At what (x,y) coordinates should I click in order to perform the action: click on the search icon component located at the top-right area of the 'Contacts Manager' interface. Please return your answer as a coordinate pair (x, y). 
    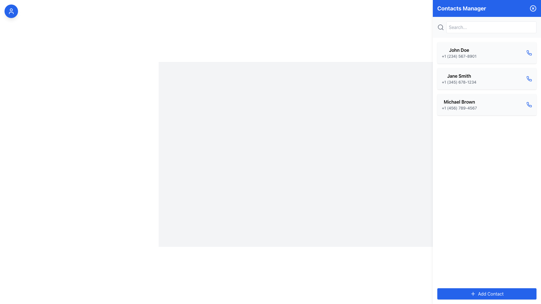
    Looking at the image, I should click on (440, 27).